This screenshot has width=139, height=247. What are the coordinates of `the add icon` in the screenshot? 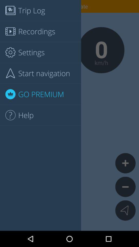 It's located at (125, 163).